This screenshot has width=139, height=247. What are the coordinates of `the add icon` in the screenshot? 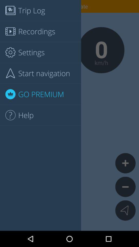 It's located at (125, 163).